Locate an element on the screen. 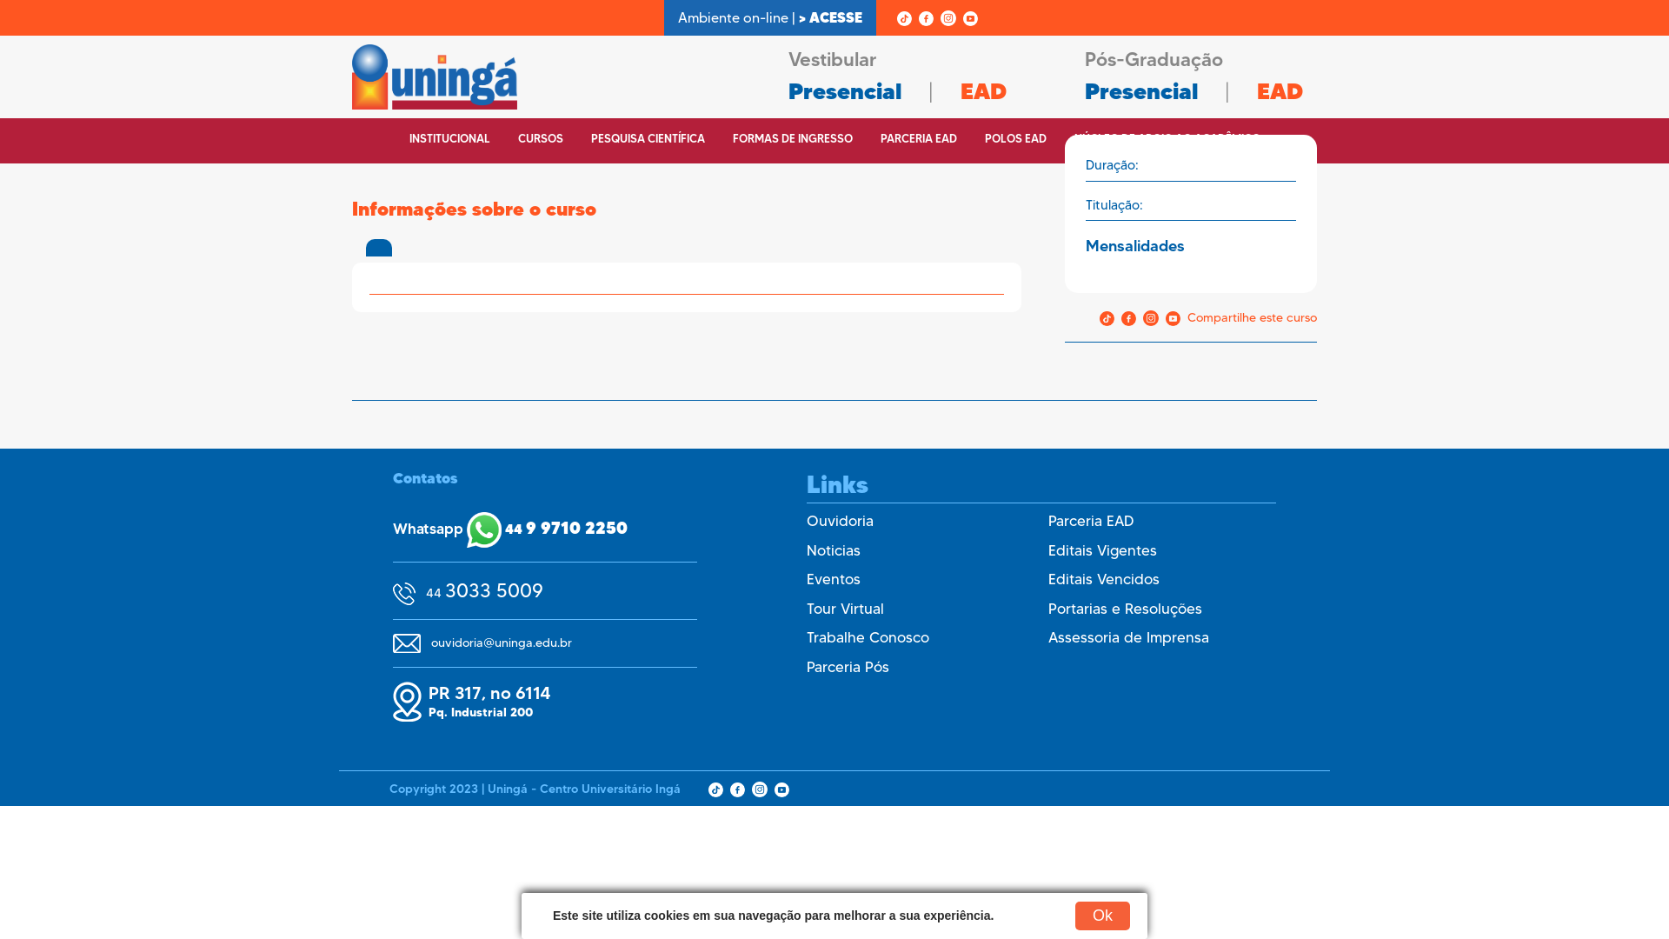  'FORMAS DE INGRESSO' is located at coordinates (731, 140).